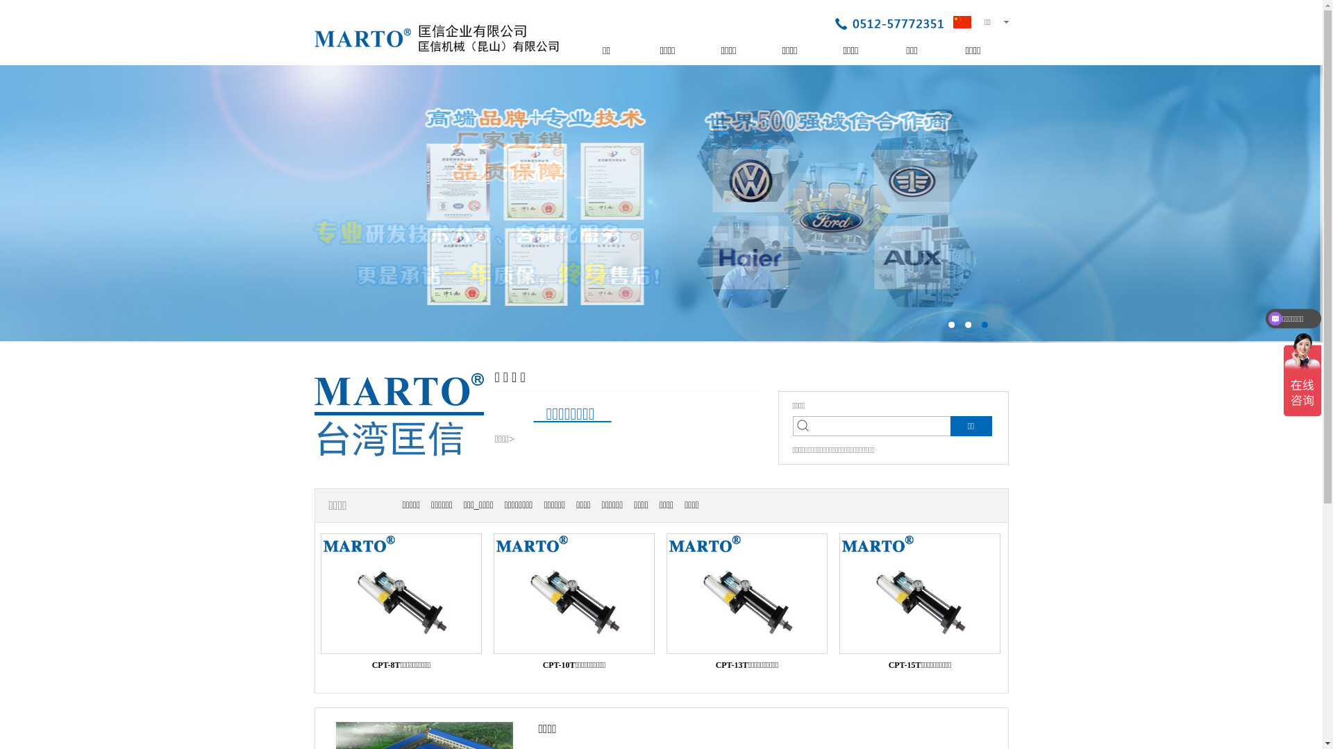 The image size is (1333, 749). Describe the element at coordinates (950, 325) in the screenshot. I see `'1'` at that location.